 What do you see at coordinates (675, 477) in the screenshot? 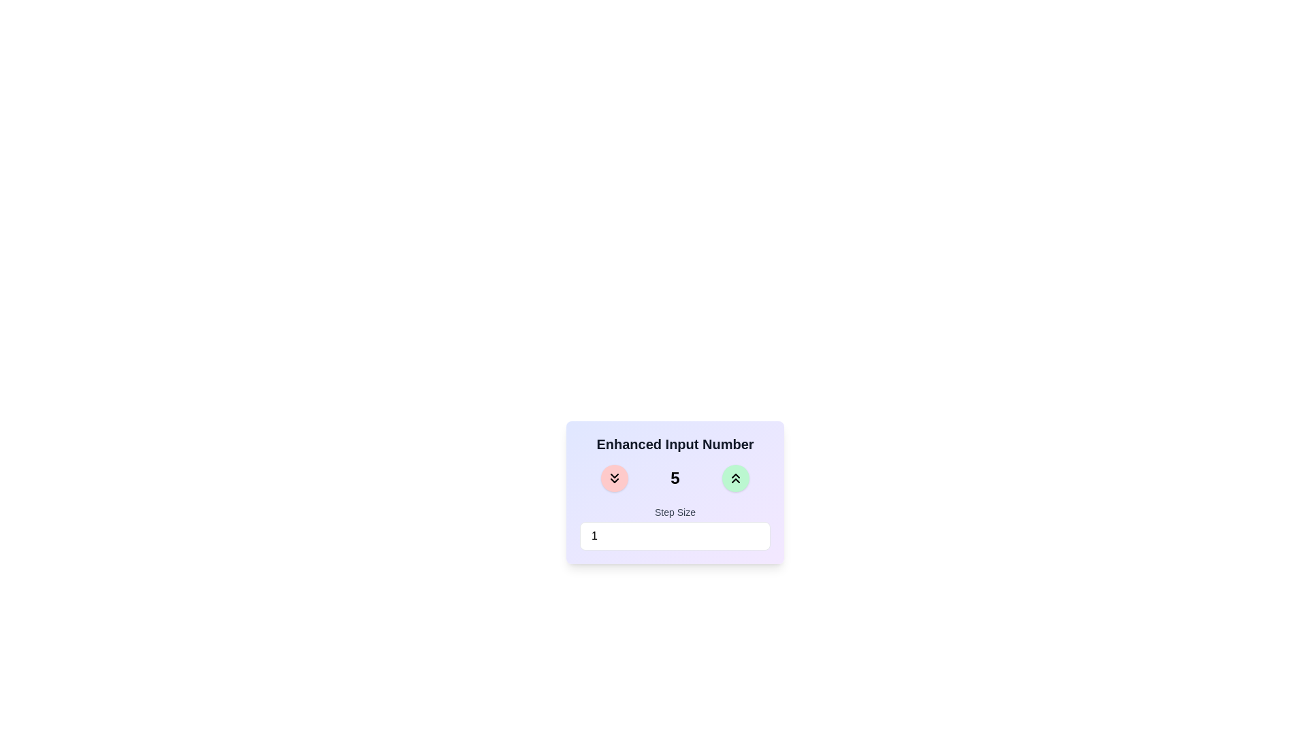
I see `displayed numeric value '5' from the central Text display within the 'Enhanced Input Number' card, which is dynamically updated based on user interactions with adjacent buttons` at bounding box center [675, 477].